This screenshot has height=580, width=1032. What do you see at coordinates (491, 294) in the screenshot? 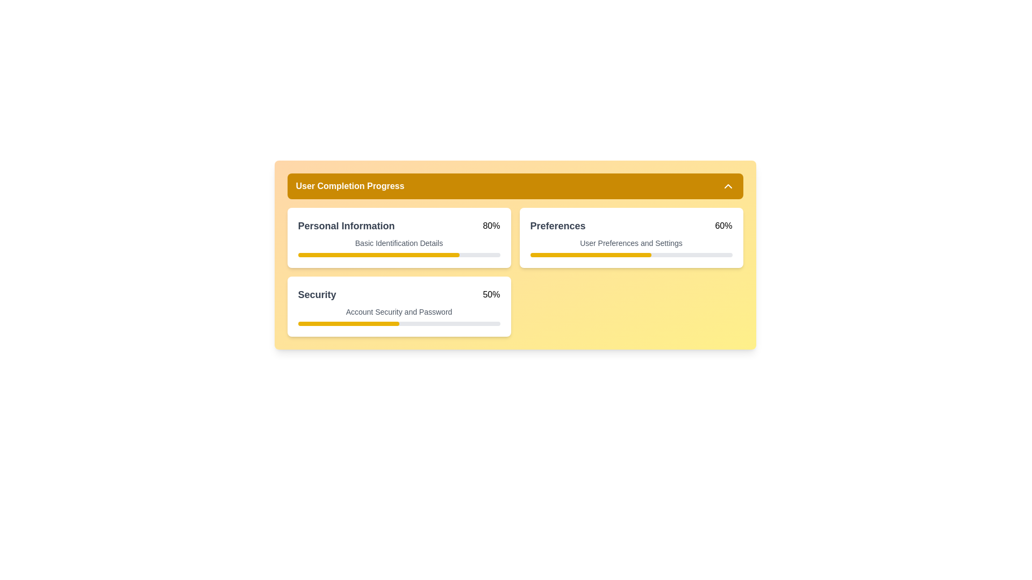
I see `the text label displaying '50%' in bold black font, located in the bottom-left section of the 'Security' card, aligned to the right of the word 'Security'` at bounding box center [491, 294].